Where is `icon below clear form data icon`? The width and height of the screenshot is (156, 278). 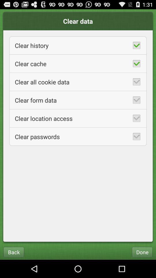
icon below clear form data icon is located at coordinates (78, 118).